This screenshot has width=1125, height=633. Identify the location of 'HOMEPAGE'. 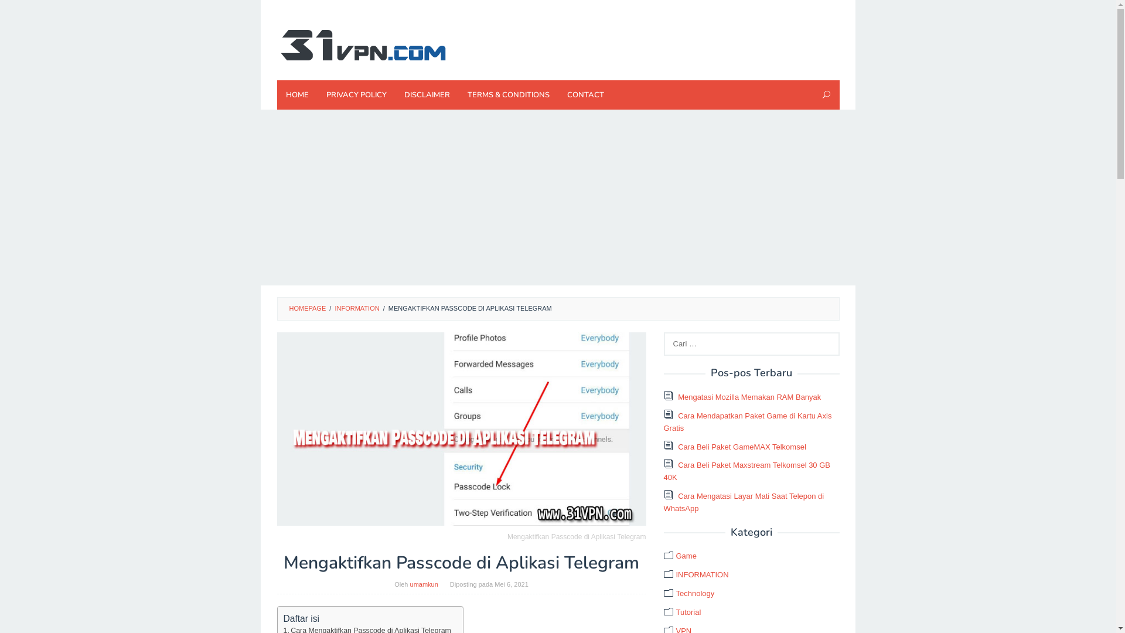
(308, 307).